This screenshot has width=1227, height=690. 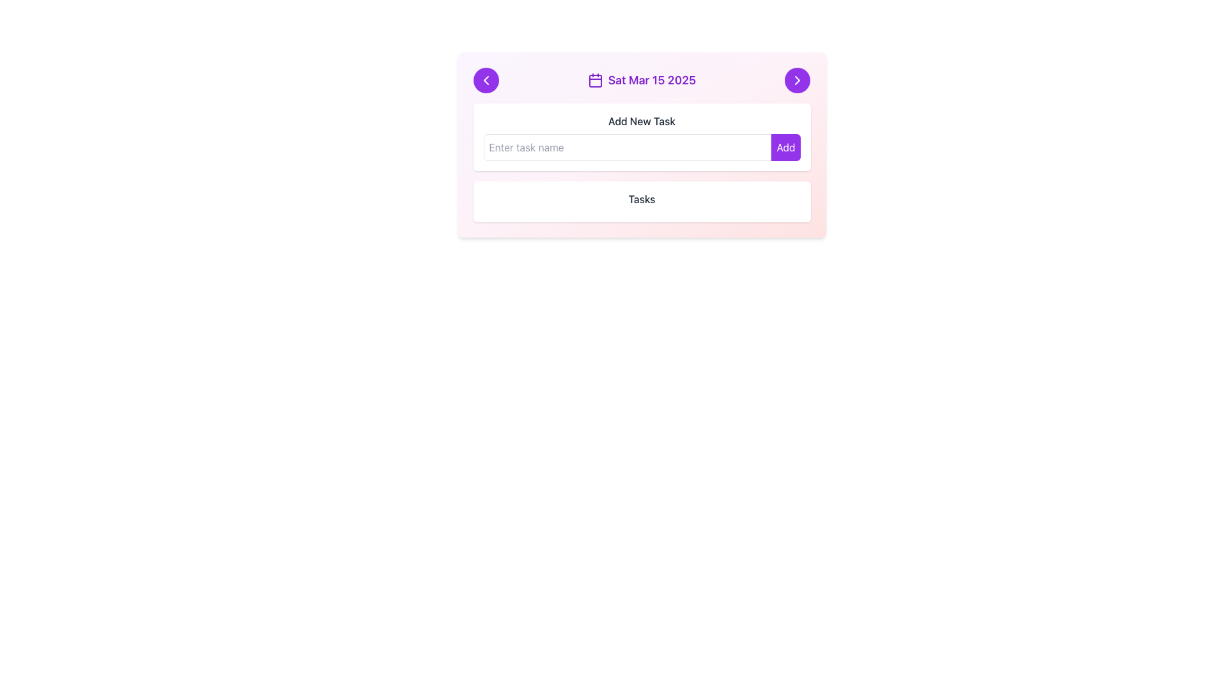 What do you see at coordinates (797, 80) in the screenshot?
I see `the navigational chevron icon located inside a circular purple button in the top right corner of the interface` at bounding box center [797, 80].